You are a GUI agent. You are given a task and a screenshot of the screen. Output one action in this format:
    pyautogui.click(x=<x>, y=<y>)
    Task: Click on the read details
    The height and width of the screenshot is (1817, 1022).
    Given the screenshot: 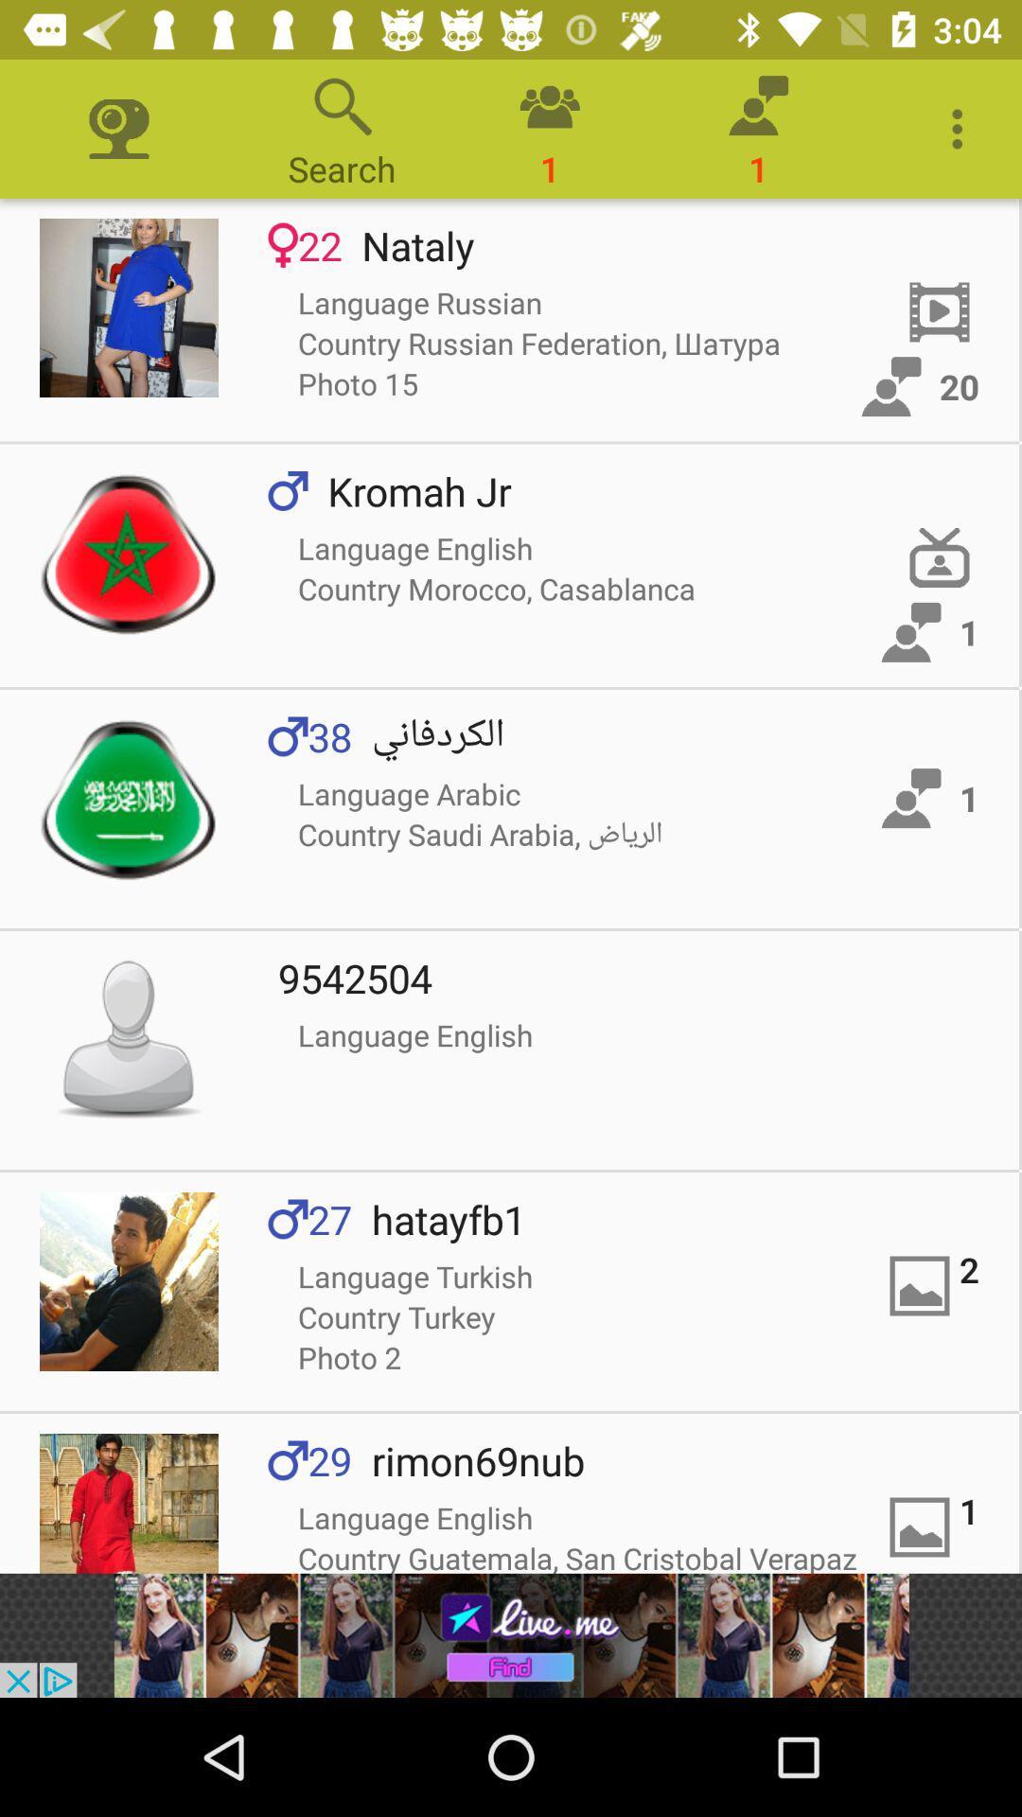 What is the action you would take?
    pyautogui.click(x=128, y=308)
    